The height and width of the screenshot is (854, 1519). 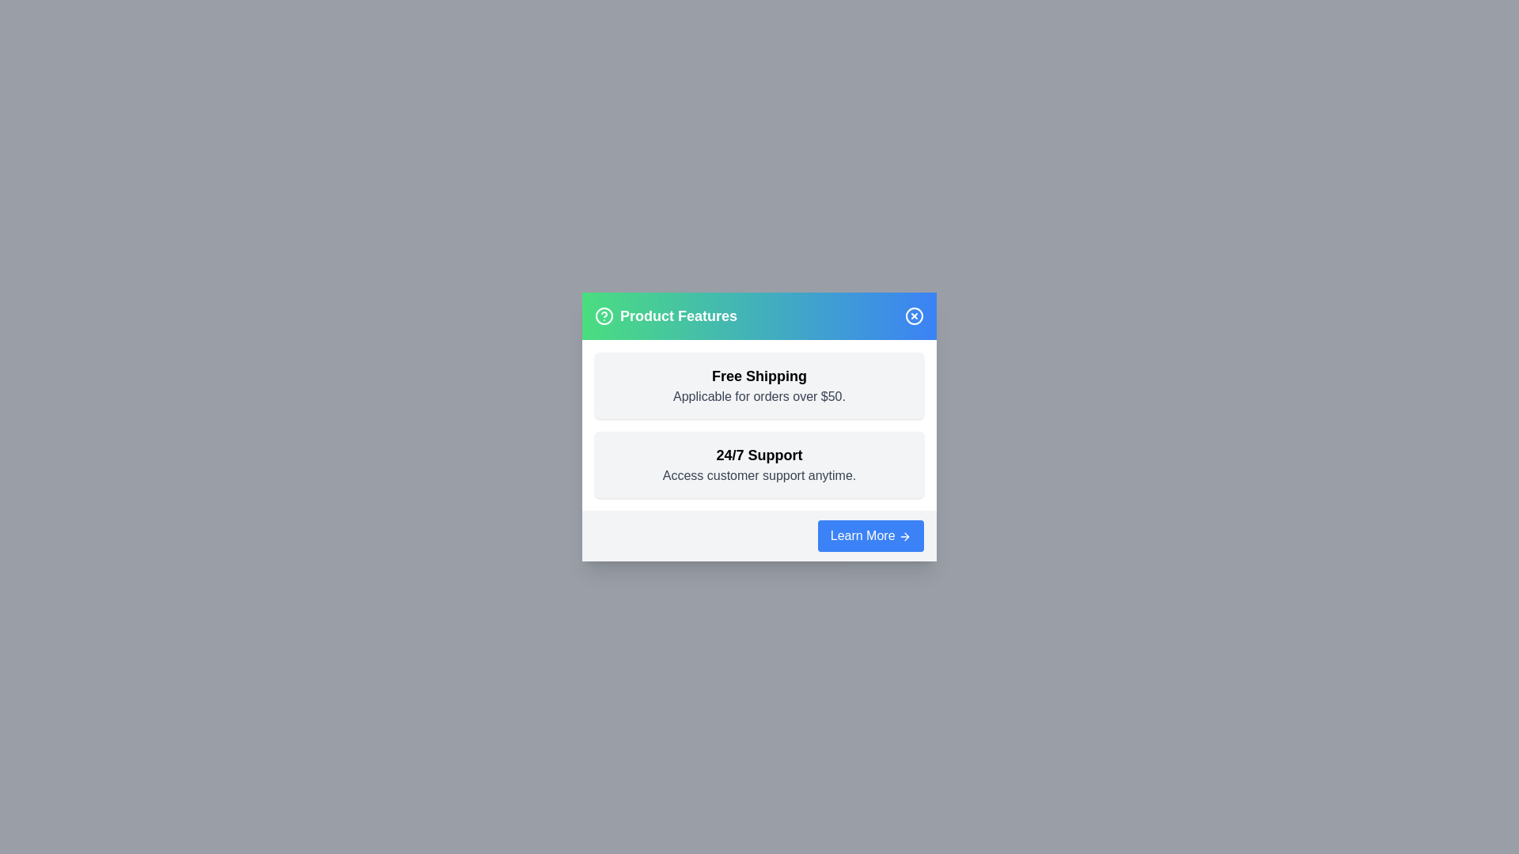 What do you see at coordinates (915, 316) in the screenshot?
I see `the close button in the top-right corner of the dialog` at bounding box center [915, 316].